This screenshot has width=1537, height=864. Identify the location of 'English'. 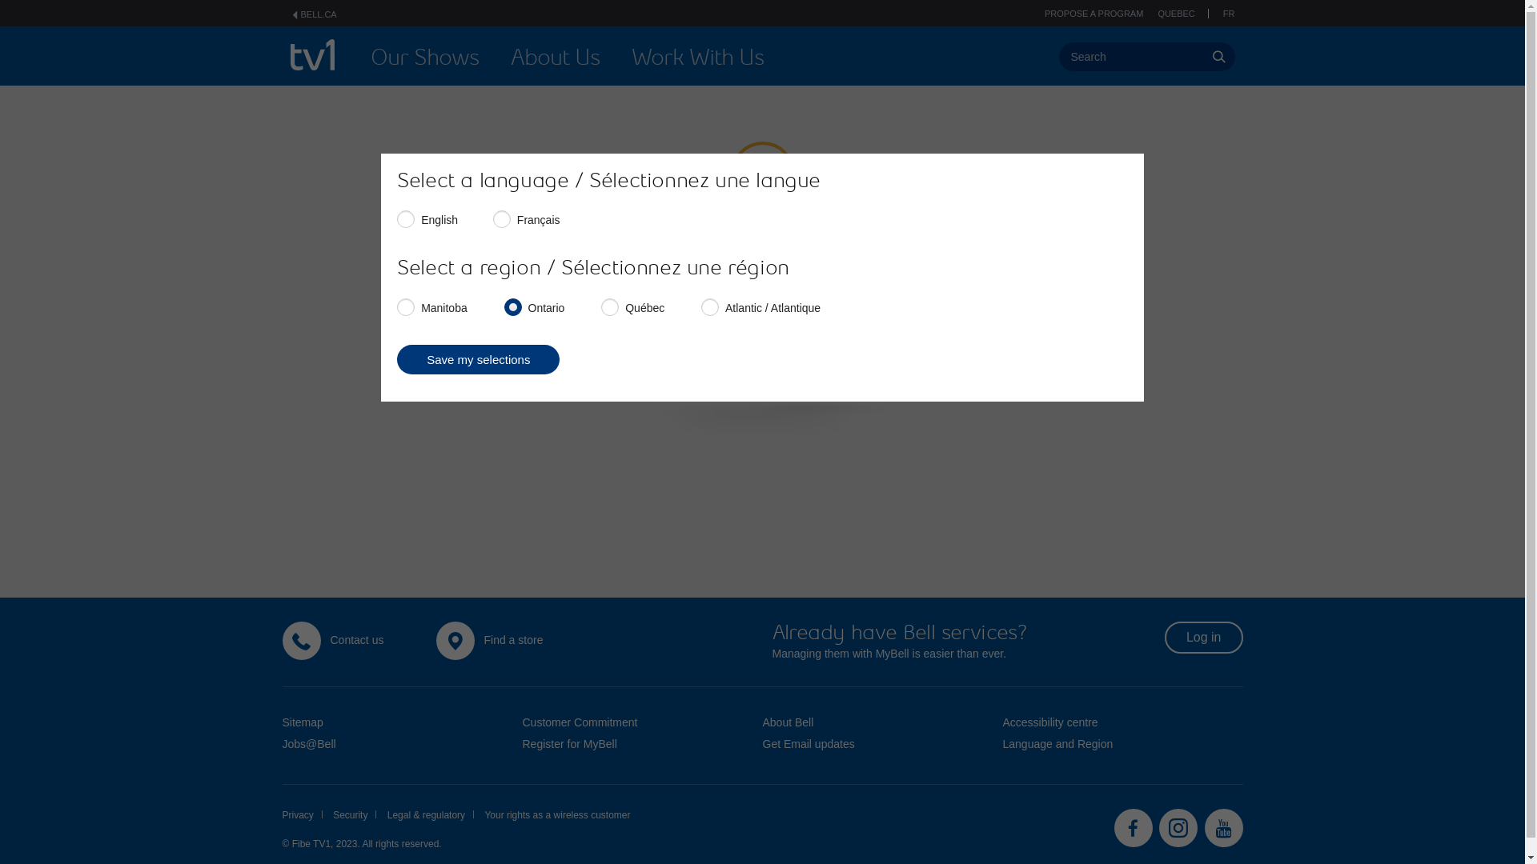
(402, 214).